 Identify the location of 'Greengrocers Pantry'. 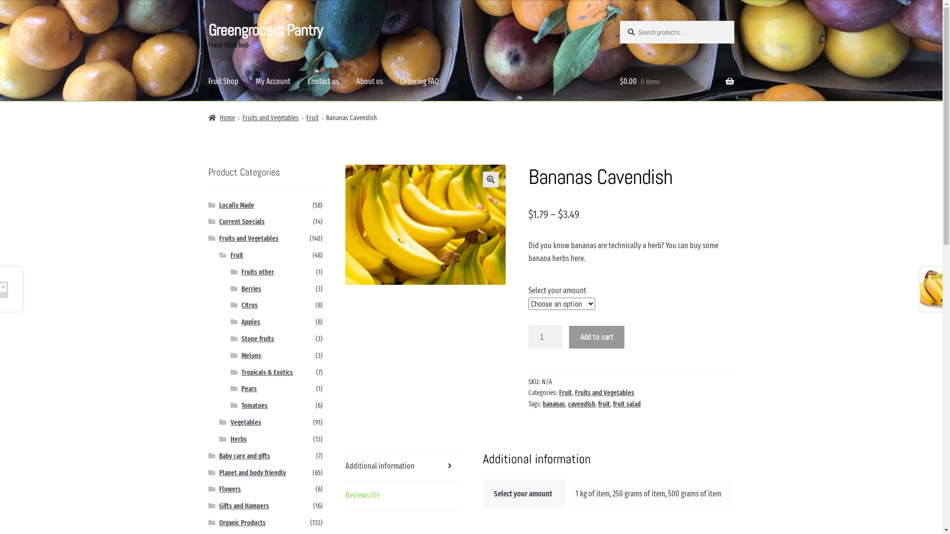
(265, 30).